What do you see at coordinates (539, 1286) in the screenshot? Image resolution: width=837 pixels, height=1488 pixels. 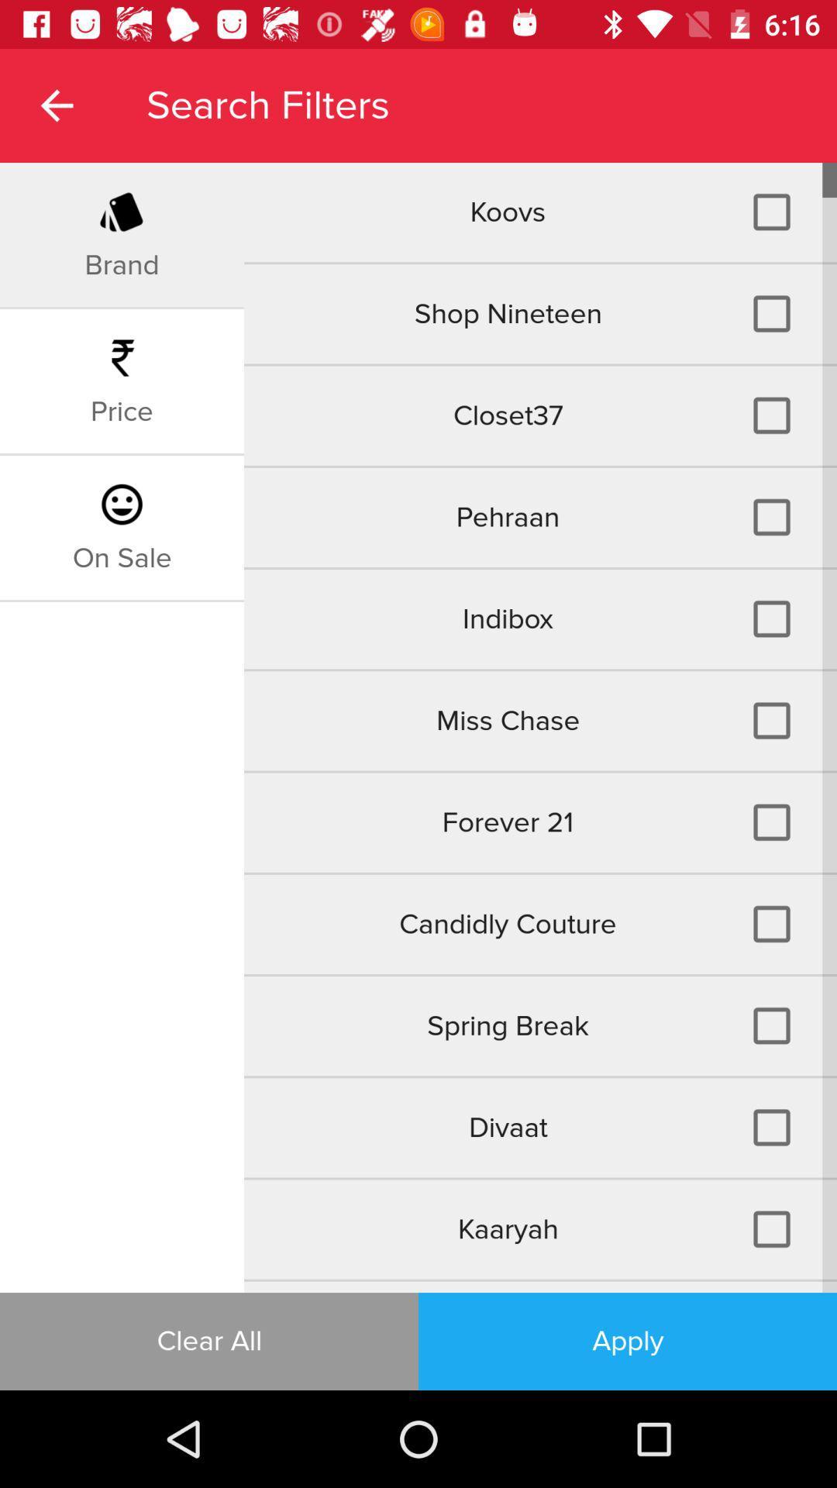 I see `bandbox` at bounding box center [539, 1286].